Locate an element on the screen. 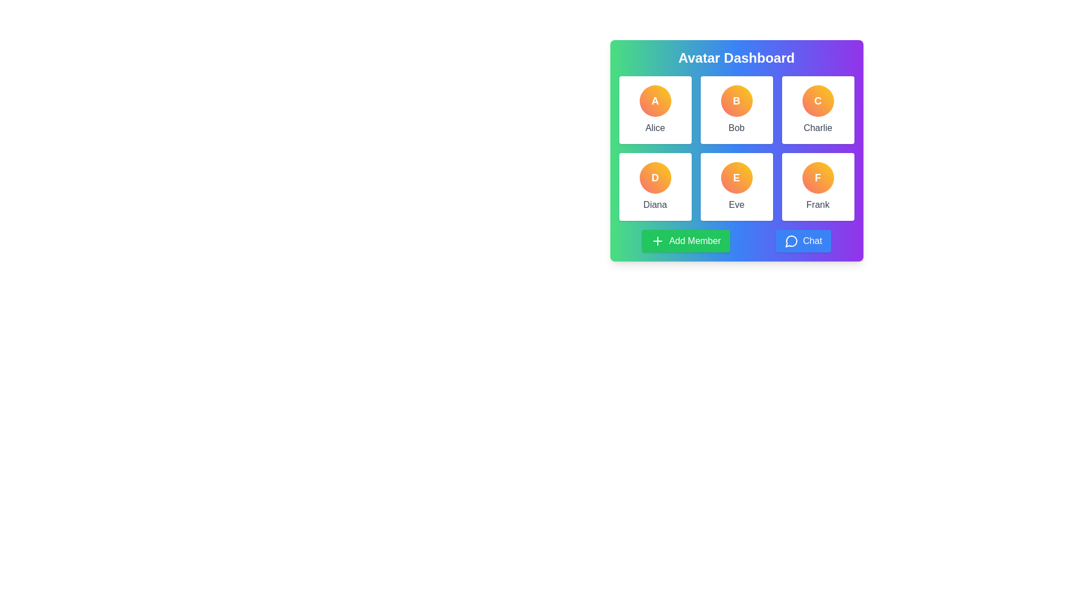 The image size is (1085, 610). the circular badge with a gradient background transitioning from yellow to red, featuring the letter 'B' in bold white font, located in the Avatar Dashboard panel is located at coordinates (736, 100).